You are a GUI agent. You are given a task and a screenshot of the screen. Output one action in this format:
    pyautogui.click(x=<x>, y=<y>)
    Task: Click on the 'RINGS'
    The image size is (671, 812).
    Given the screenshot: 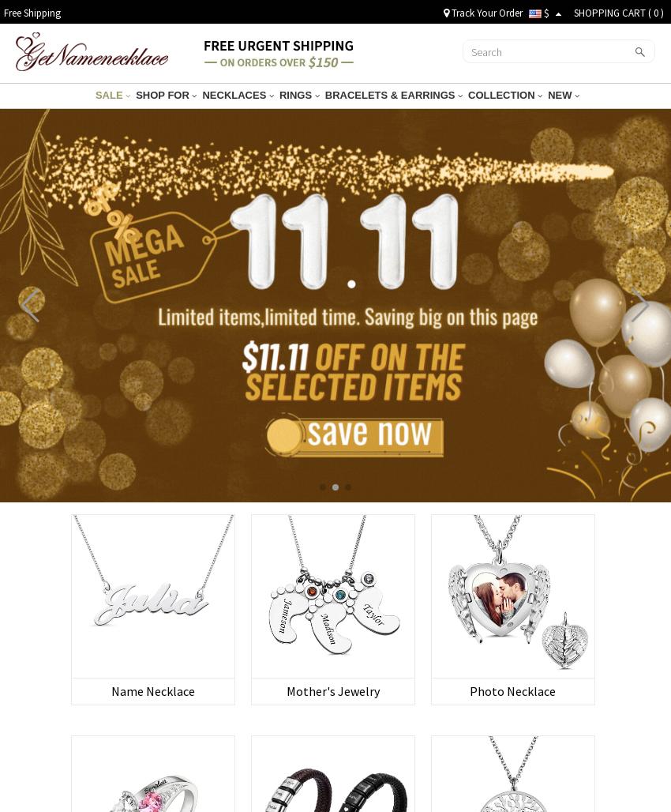 What is the action you would take?
    pyautogui.click(x=295, y=94)
    